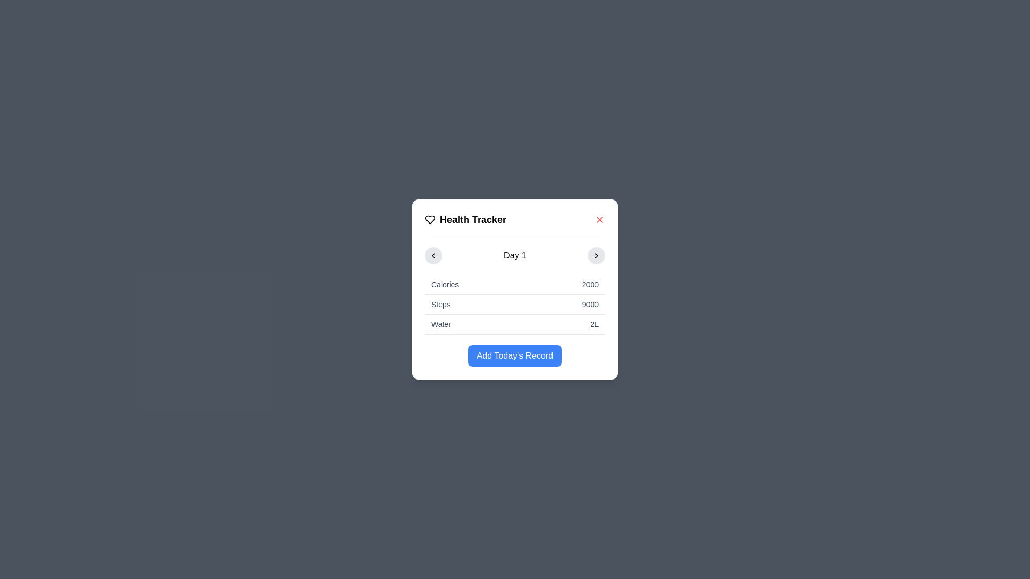  I want to click on the Close button (X icon) located in the top-right corner of the 'Health Tracker' card, so click(599, 219).